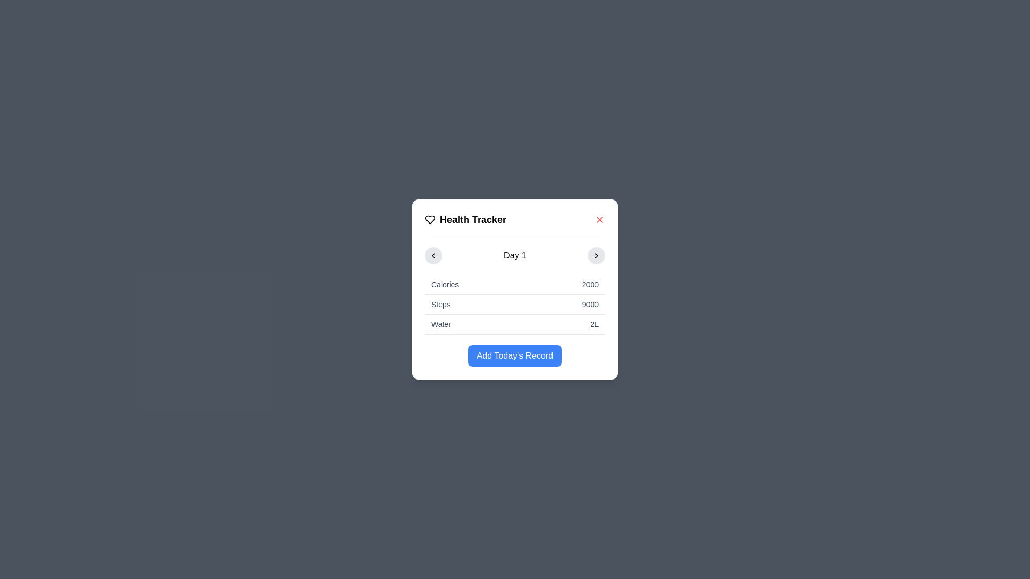  I want to click on the Close button (X icon) located in the top-right corner of the 'Health Tracker' card, so click(599, 219).